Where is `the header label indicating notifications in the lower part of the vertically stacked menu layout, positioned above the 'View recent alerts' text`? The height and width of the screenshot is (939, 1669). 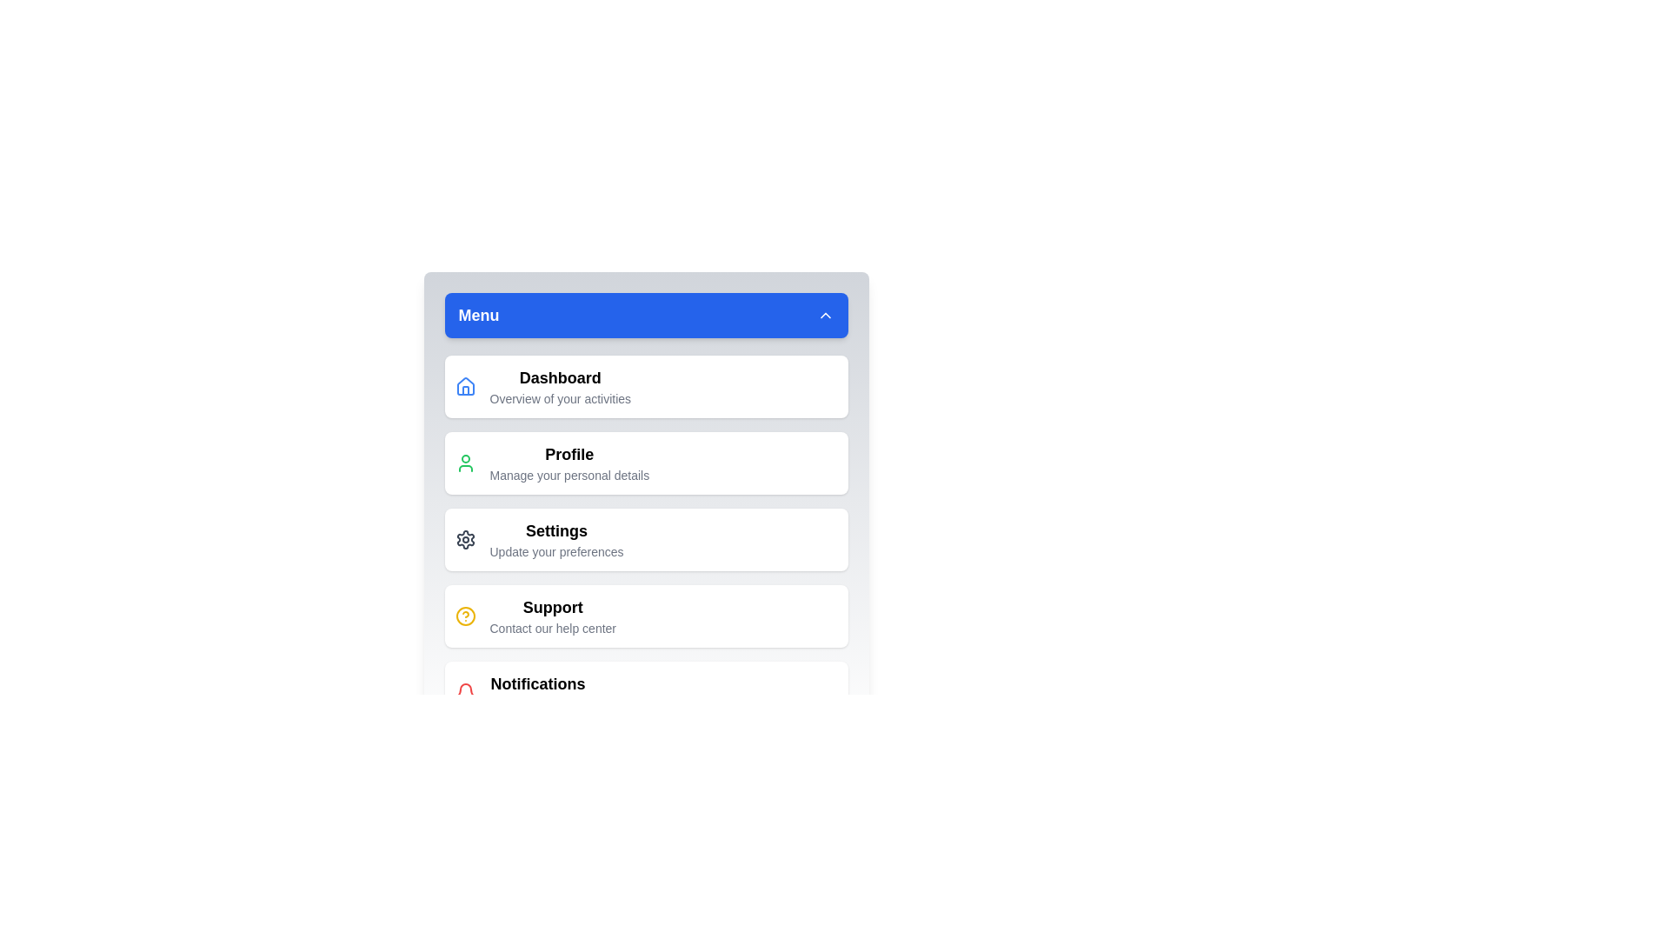 the header label indicating notifications in the lower part of the vertically stacked menu layout, positioned above the 'View recent alerts' text is located at coordinates (537, 683).